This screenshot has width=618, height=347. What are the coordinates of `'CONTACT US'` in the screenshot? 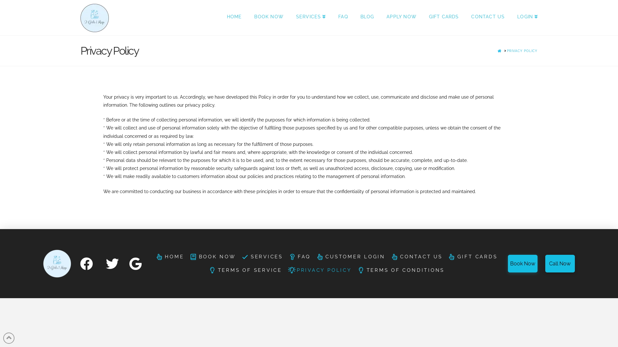 It's located at (465, 17).